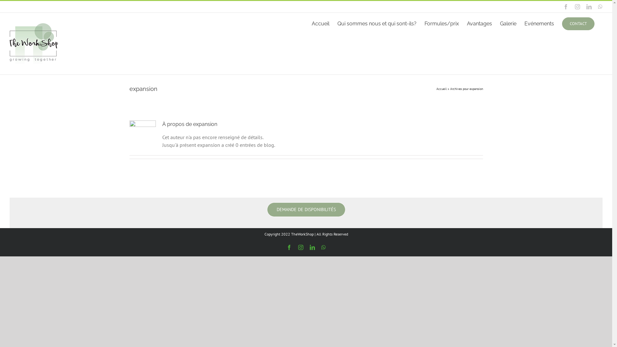  I want to click on 'Qui sommes nous et qui sont-ils?', so click(377, 23).